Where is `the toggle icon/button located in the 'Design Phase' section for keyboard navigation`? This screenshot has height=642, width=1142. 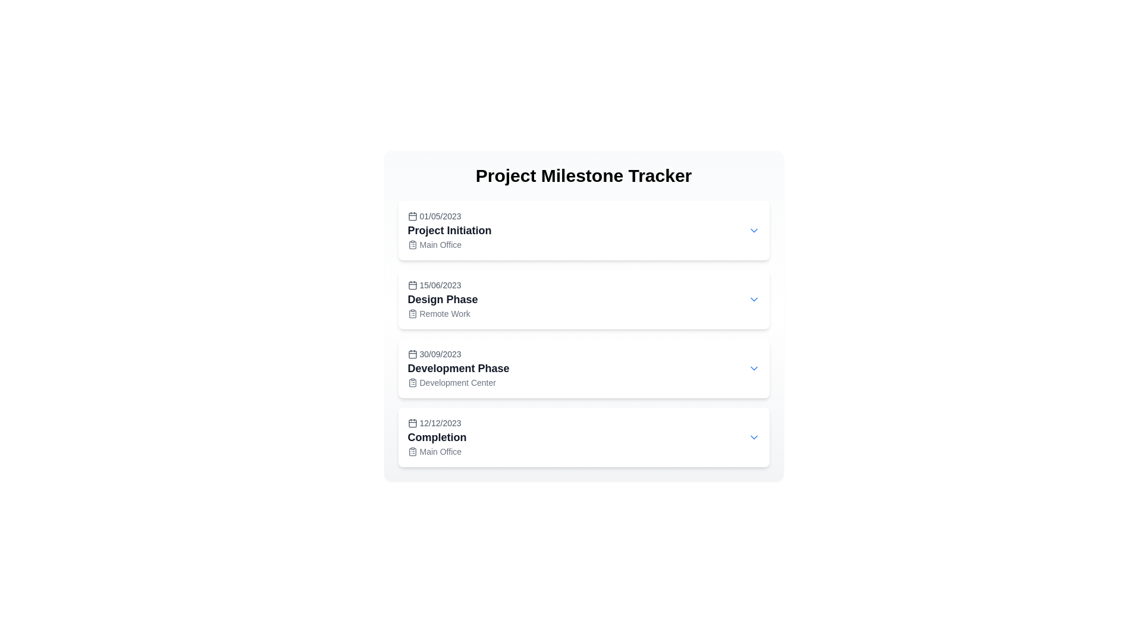 the toggle icon/button located in the 'Design Phase' section for keyboard navigation is located at coordinates (753, 299).